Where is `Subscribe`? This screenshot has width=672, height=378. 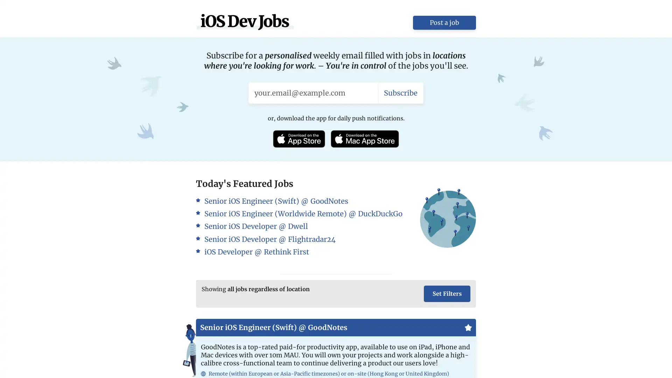 Subscribe is located at coordinates (401, 92).